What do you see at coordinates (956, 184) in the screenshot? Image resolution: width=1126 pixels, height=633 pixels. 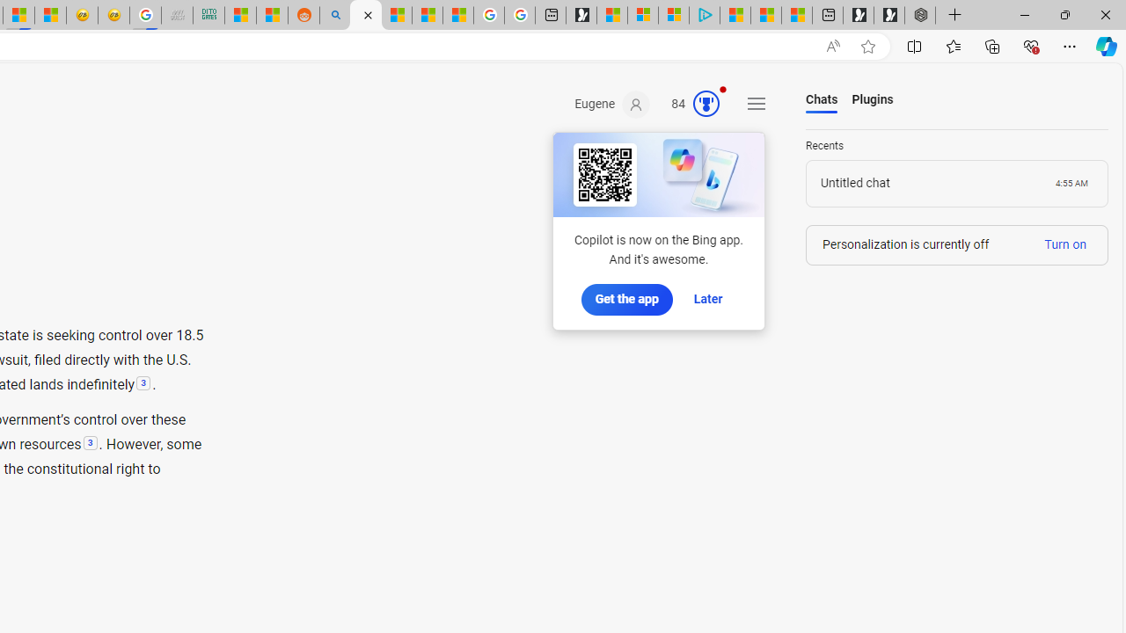 I see `'Load chat'` at bounding box center [956, 184].